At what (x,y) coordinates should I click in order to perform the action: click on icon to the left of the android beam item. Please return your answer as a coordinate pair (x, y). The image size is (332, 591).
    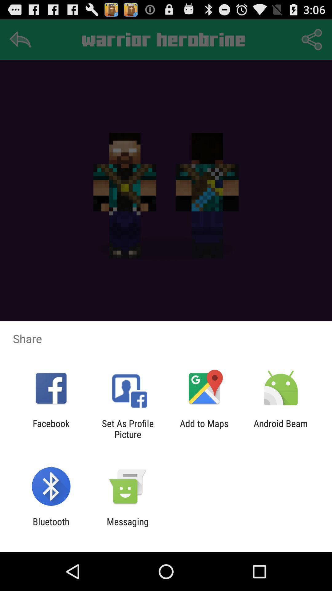
    Looking at the image, I should click on (204, 428).